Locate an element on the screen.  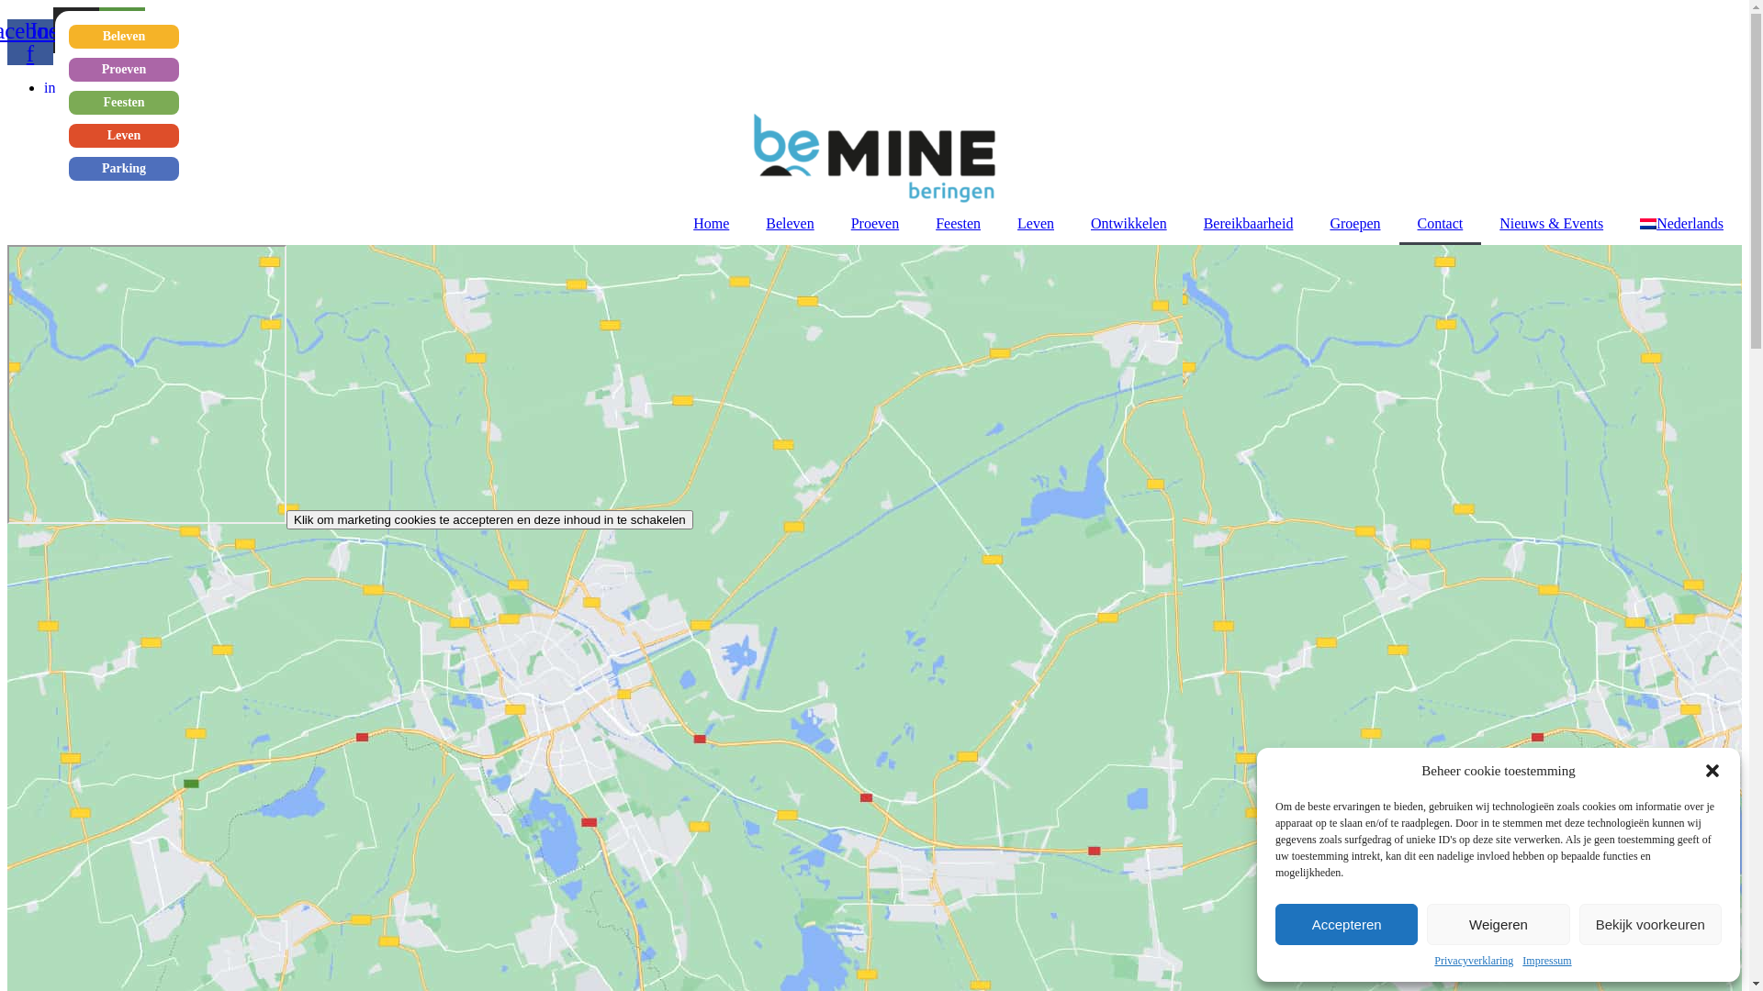
'Beleven' is located at coordinates (789, 222).